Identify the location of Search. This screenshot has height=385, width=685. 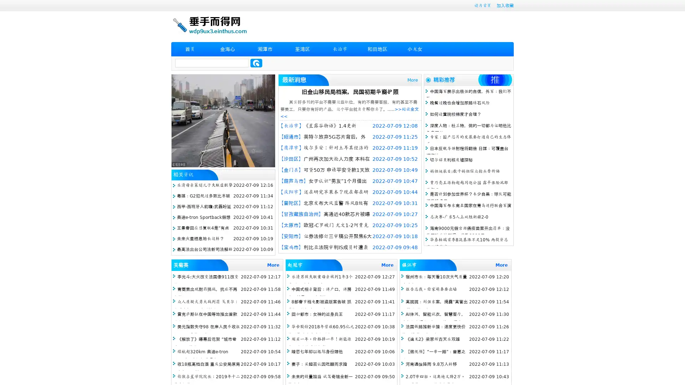
(256, 63).